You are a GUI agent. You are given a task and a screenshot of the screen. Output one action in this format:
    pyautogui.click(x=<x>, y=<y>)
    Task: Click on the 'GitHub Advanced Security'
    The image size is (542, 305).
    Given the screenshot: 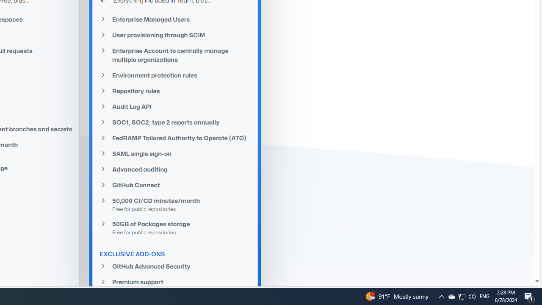 What is the action you would take?
    pyautogui.click(x=175, y=266)
    